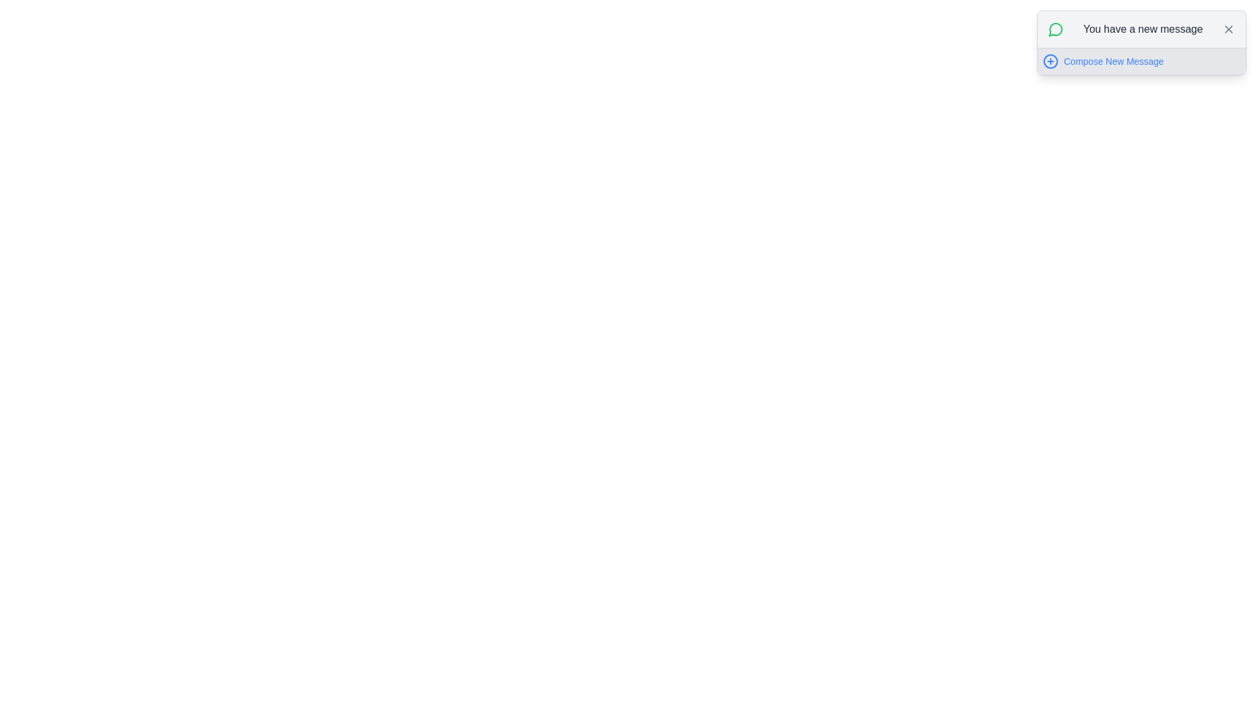 The height and width of the screenshot is (707, 1257). Describe the element at coordinates (1050, 61) in the screenshot. I see `the circular icon button with a plus symbol located to the left of the 'Compose New Message' label` at that location.